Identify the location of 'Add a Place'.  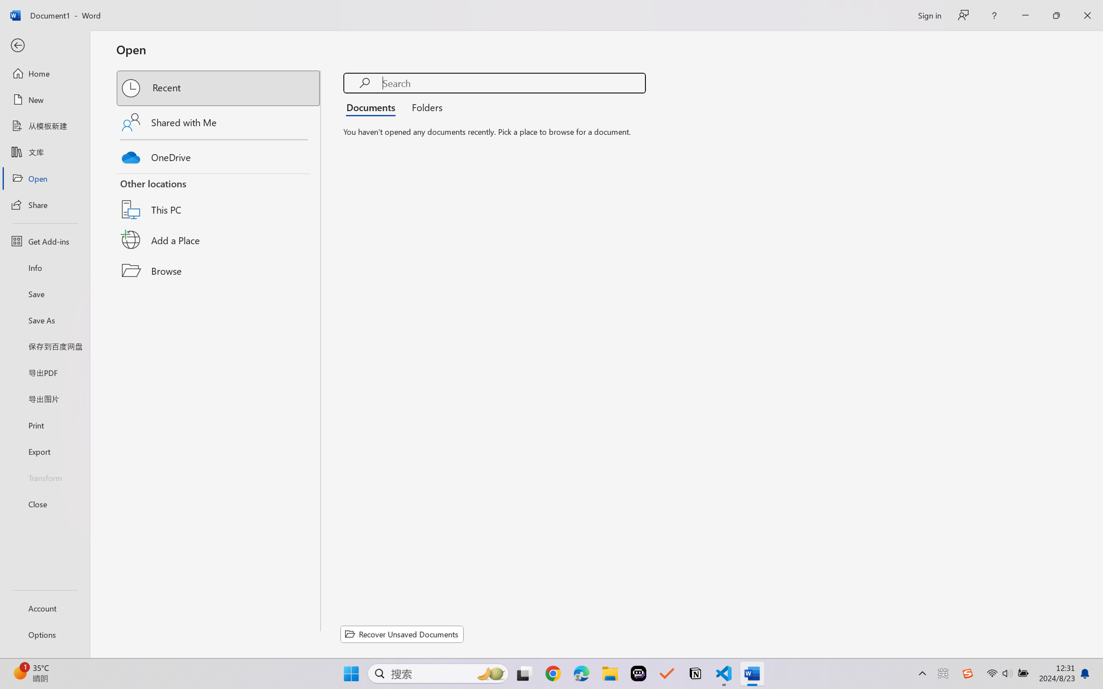
(219, 239).